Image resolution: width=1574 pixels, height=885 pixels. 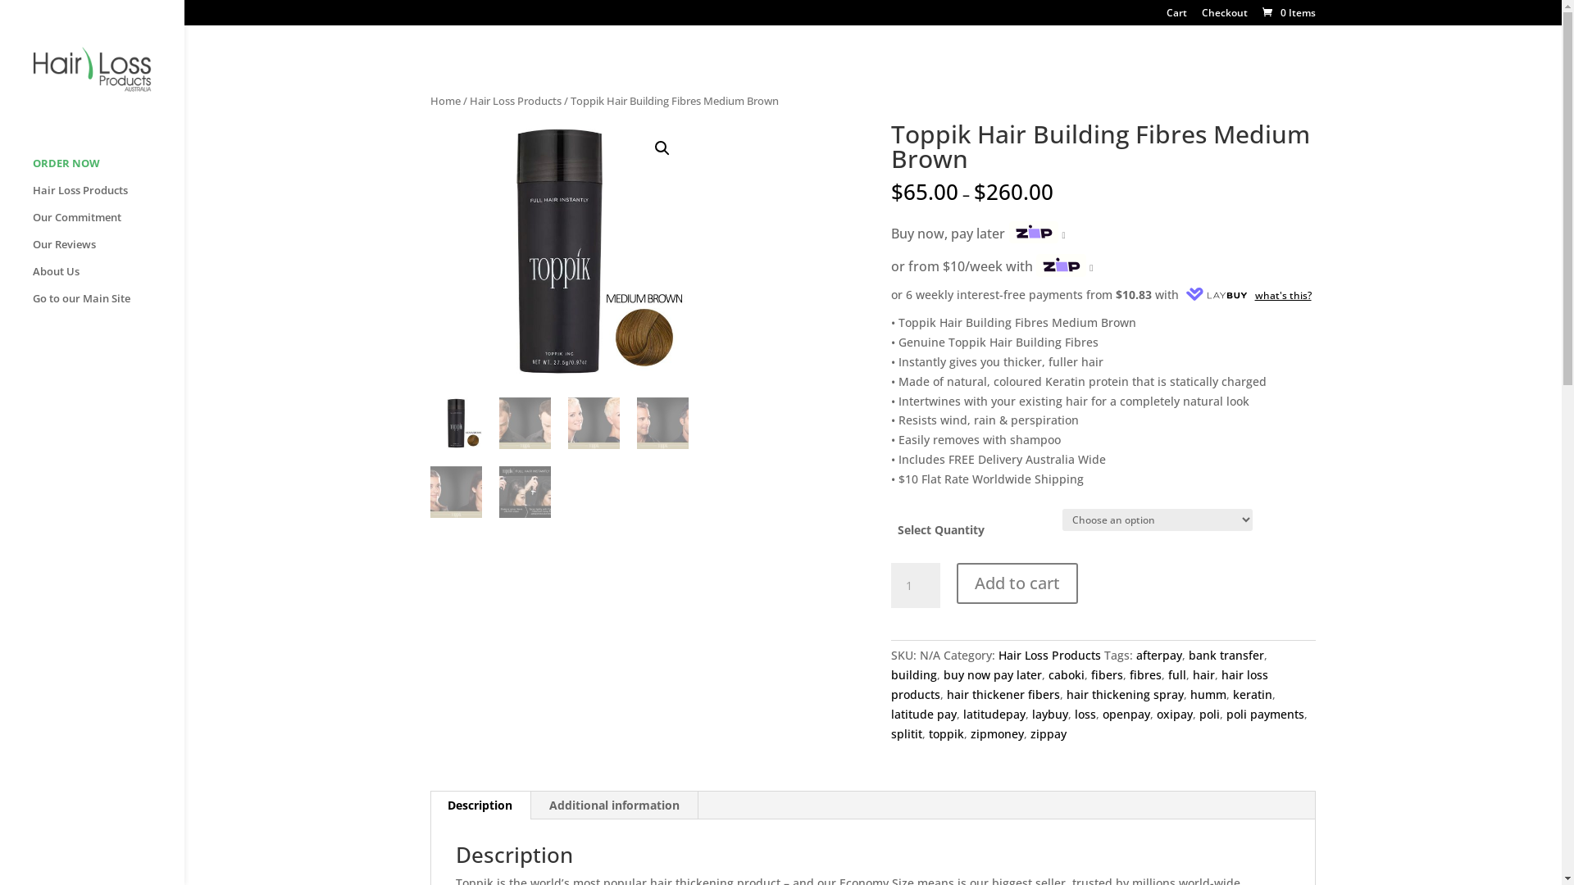 What do you see at coordinates (32, 278) in the screenshot?
I see `'About Us'` at bounding box center [32, 278].